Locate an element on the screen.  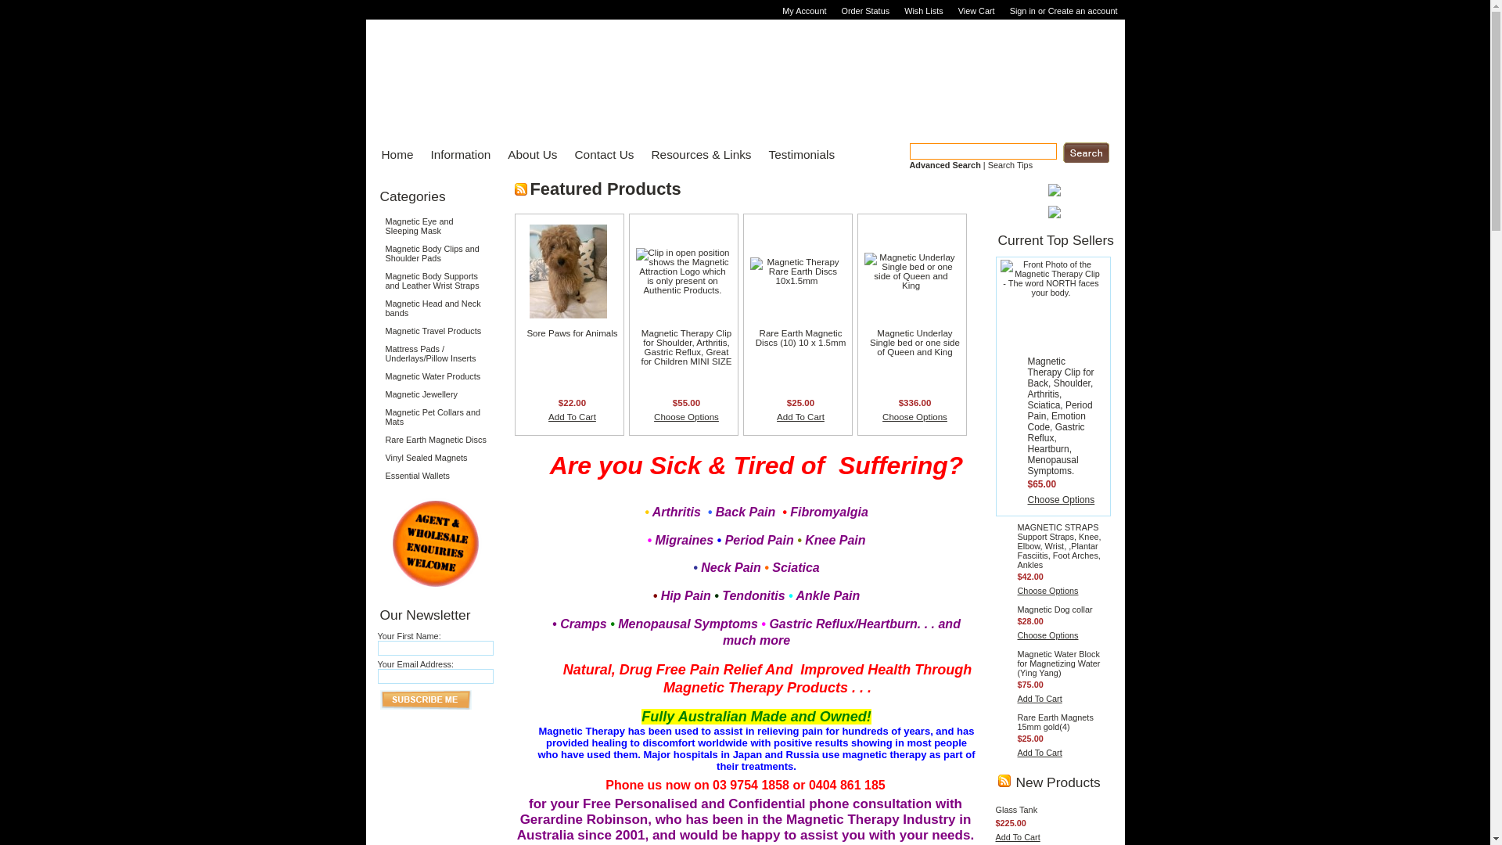
'Sign in' is located at coordinates (1022, 11).